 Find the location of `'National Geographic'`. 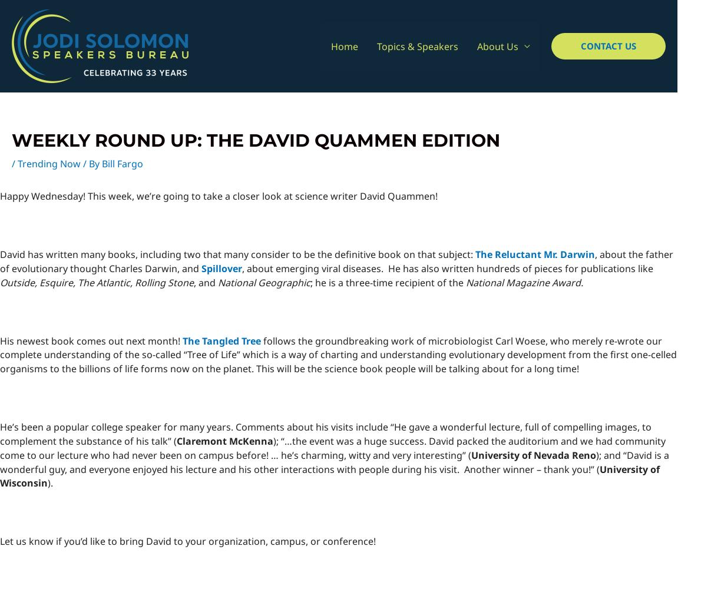

'National Geographic' is located at coordinates (217, 282).